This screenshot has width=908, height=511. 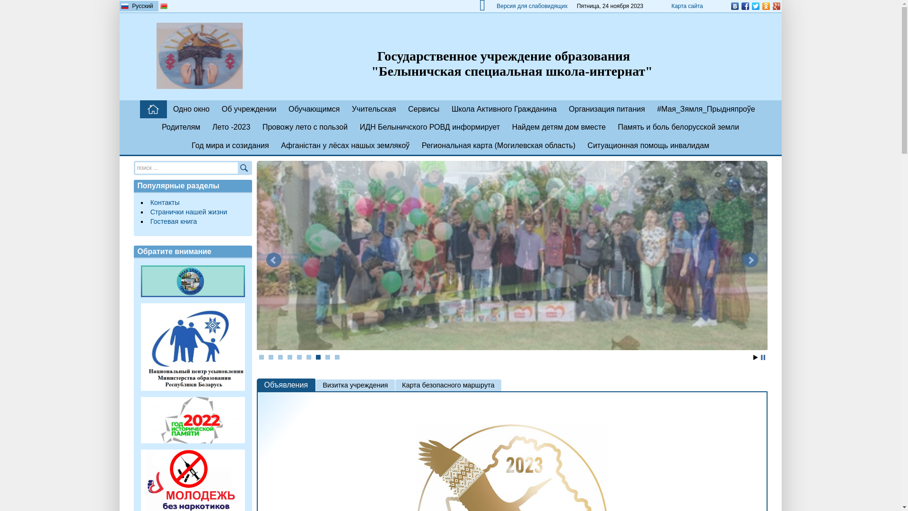 What do you see at coordinates (755, 357) in the screenshot?
I see `'Start'` at bounding box center [755, 357].